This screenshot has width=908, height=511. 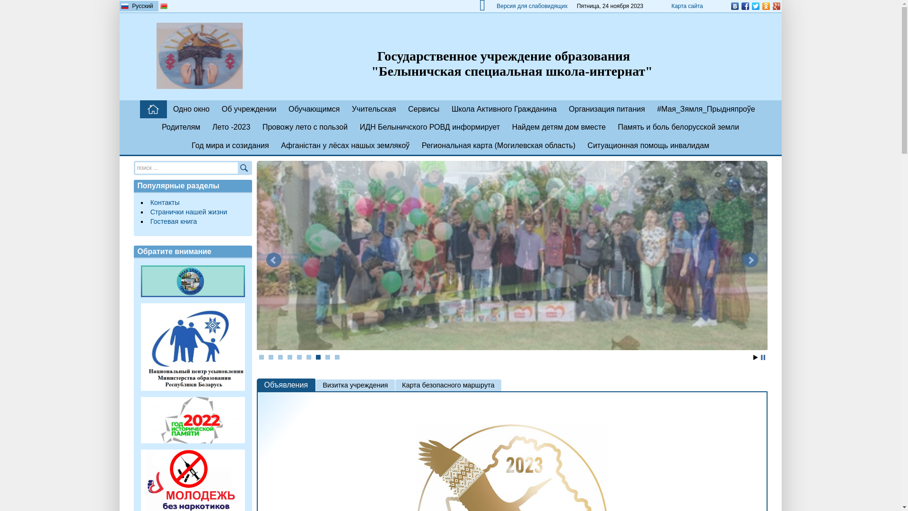 What do you see at coordinates (755, 357) in the screenshot?
I see `'Start'` at bounding box center [755, 357].